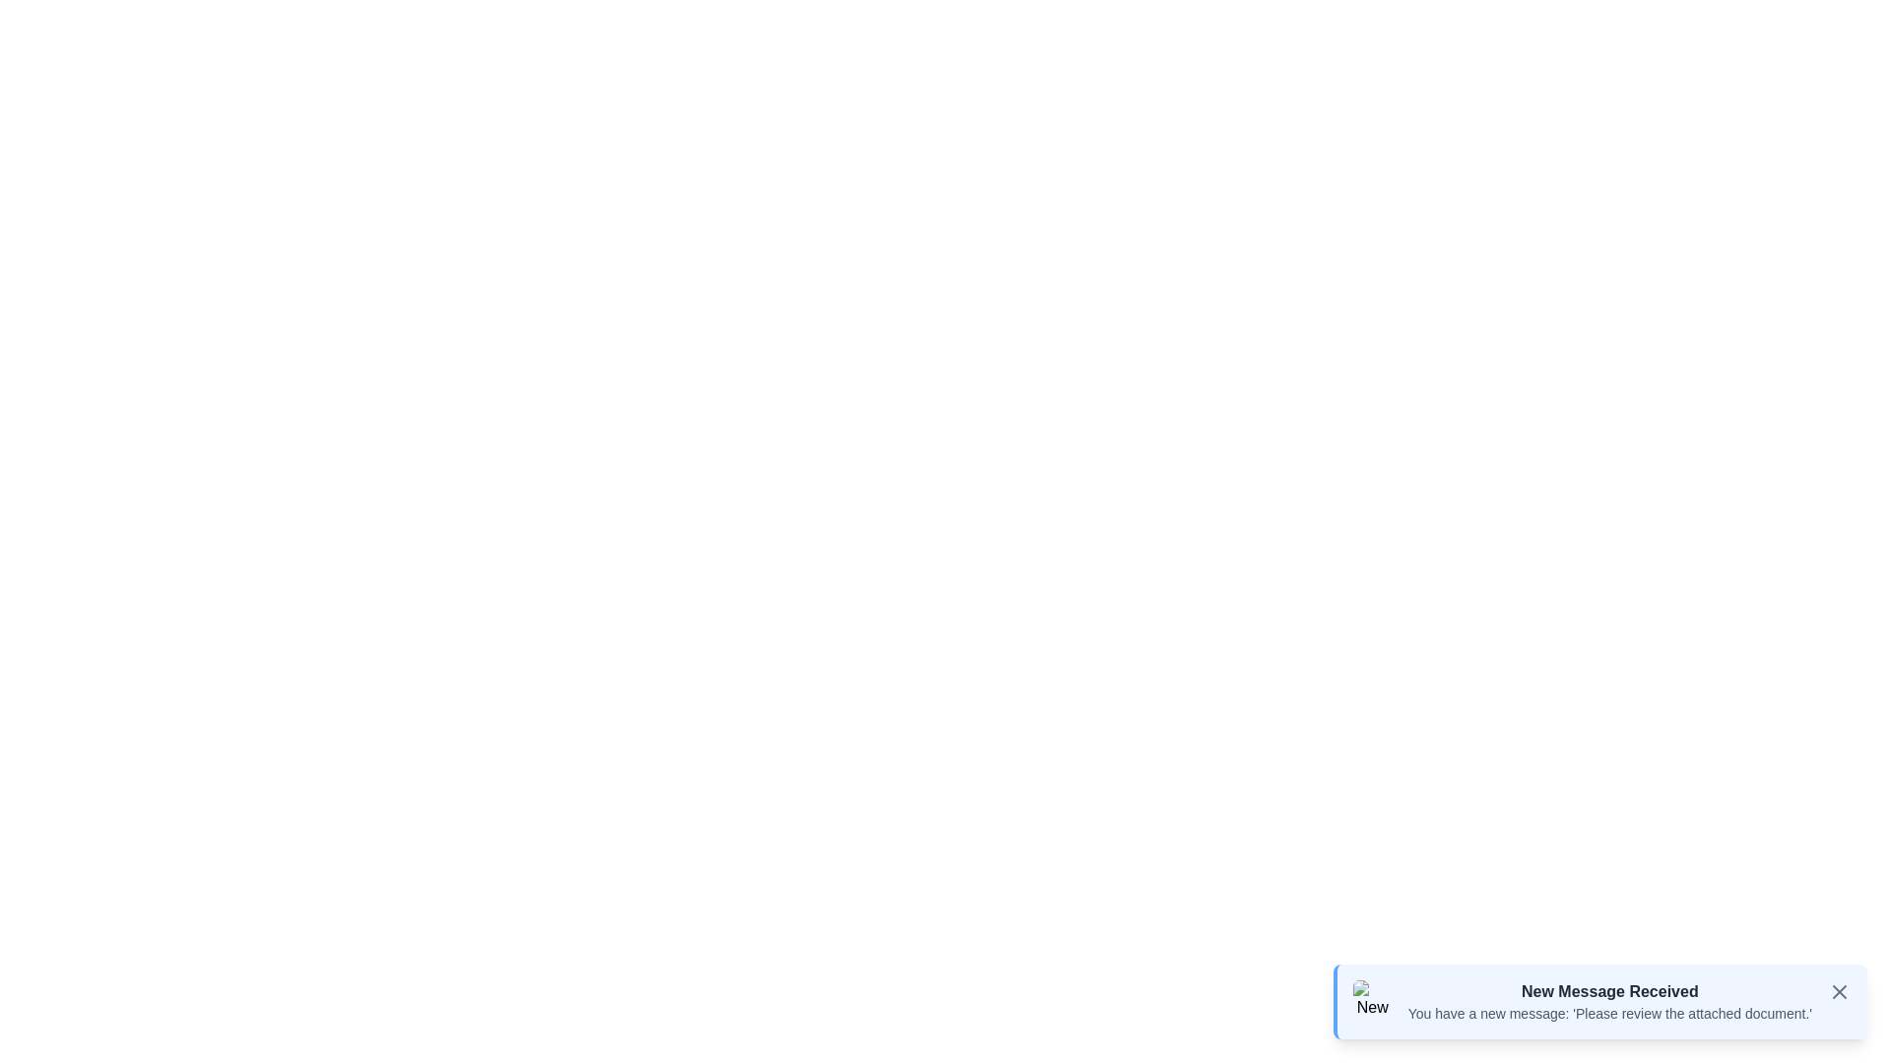  I want to click on the preview image to view it in detail, so click(1371, 999).